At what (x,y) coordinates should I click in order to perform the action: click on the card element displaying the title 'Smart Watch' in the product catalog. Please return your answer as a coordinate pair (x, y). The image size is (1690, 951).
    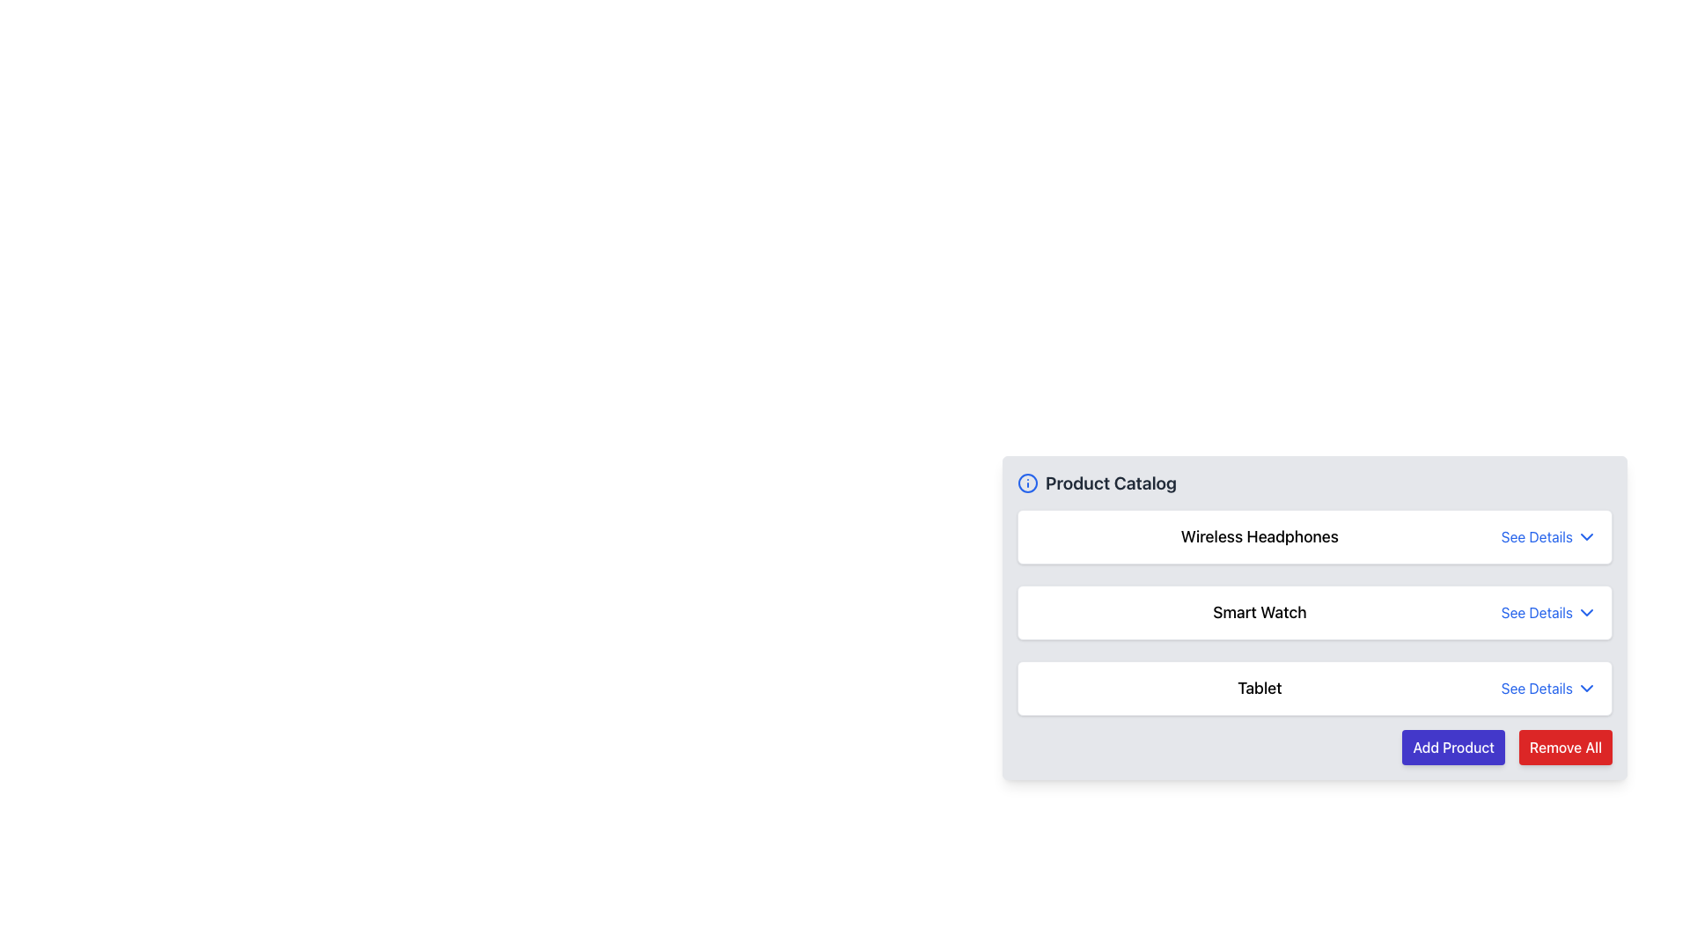
    Looking at the image, I should click on (1314, 624).